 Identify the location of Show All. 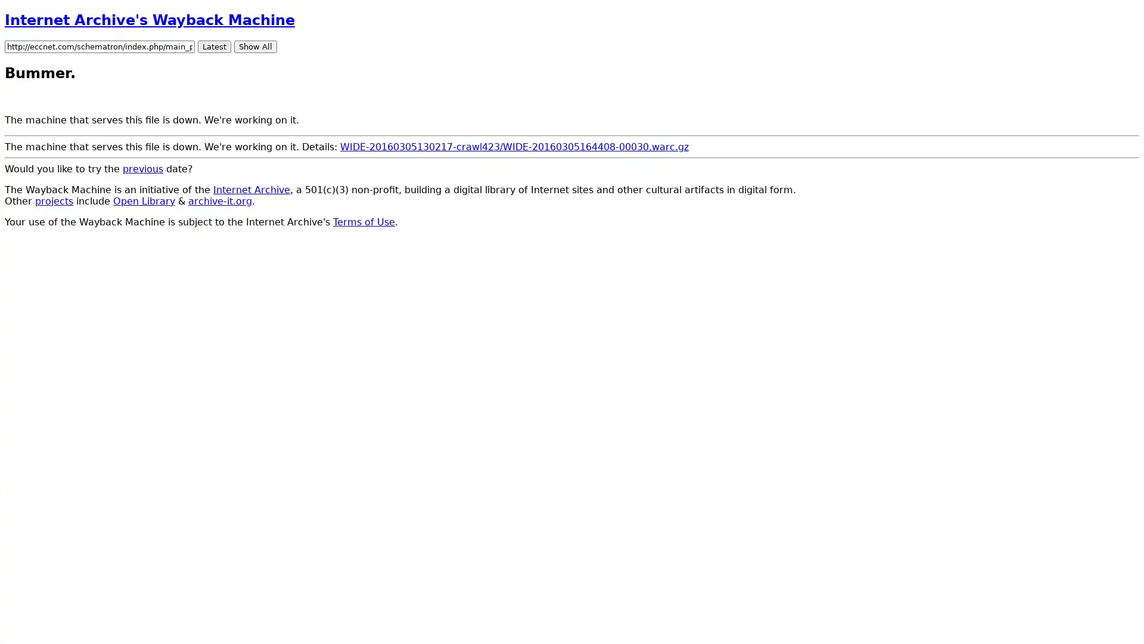
(254, 45).